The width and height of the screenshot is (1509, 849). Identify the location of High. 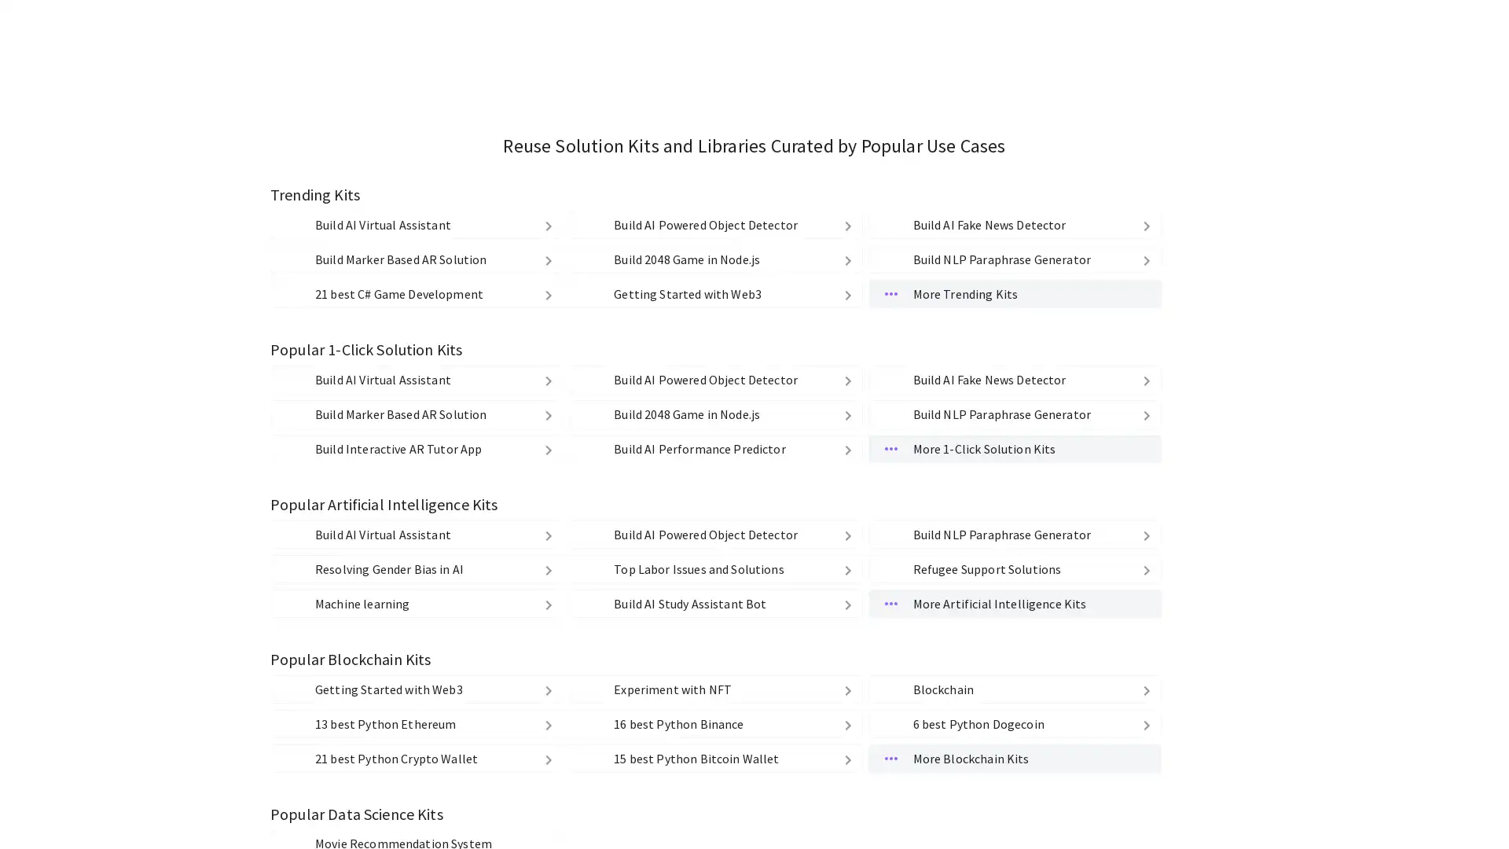
(777, 396).